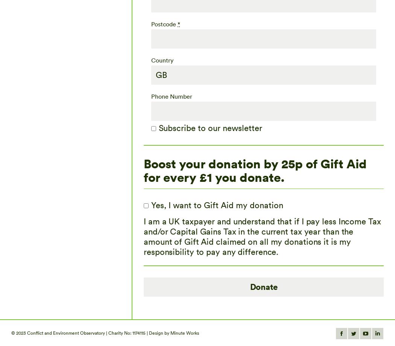 The width and height of the screenshot is (395, 346). Describe the element at coordinates (285, 332) in the screenshot. I see `'Find us on:'` at that location.